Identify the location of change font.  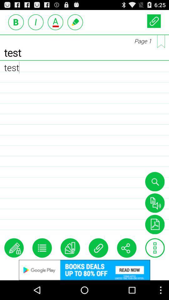
(55, 22).